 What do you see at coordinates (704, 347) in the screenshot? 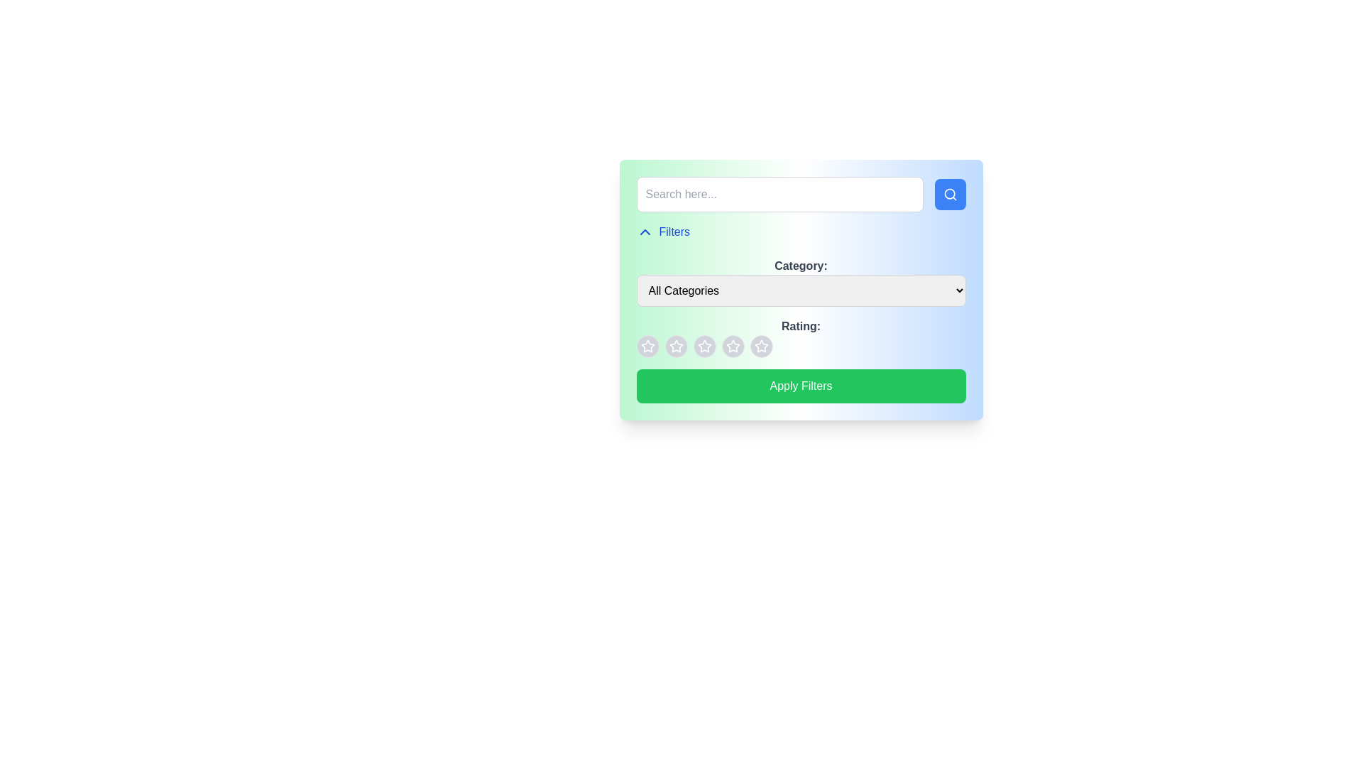
I see `the third Rating star button, which is a circular element with a light gray background and a white star icon` at bounding box center [704, 347].